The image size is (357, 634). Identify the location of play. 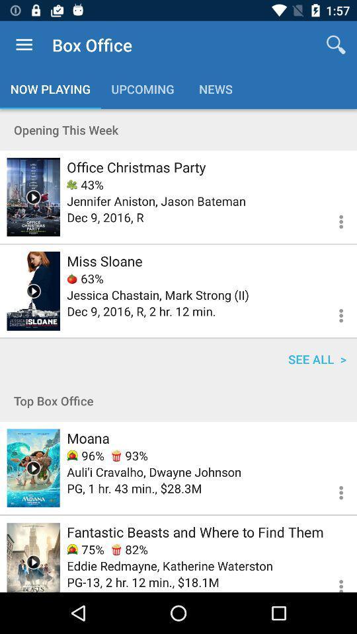
(33, 291).